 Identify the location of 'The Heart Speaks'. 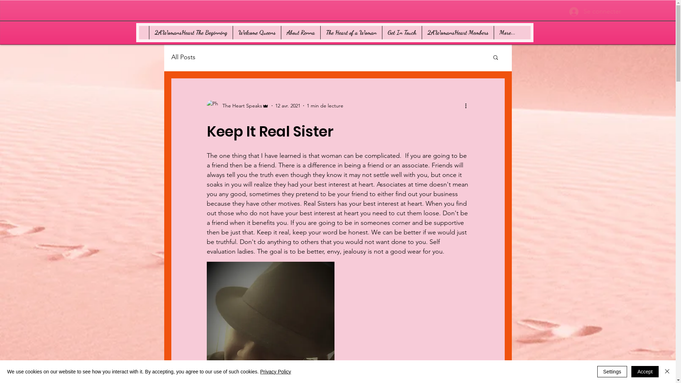
(237, 105).